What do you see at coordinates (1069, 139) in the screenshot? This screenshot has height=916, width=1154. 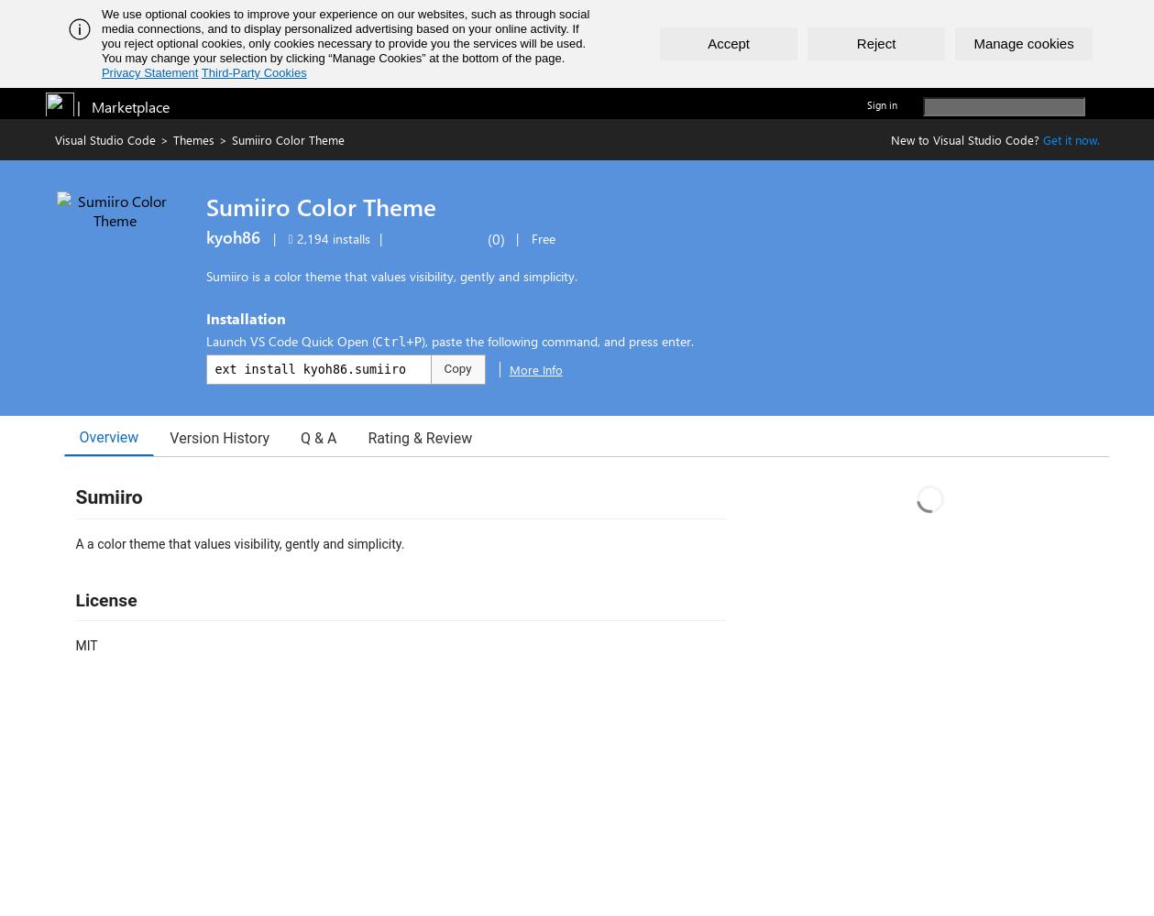 I see `'Get it now.'` at bounding box center [1069, 139].